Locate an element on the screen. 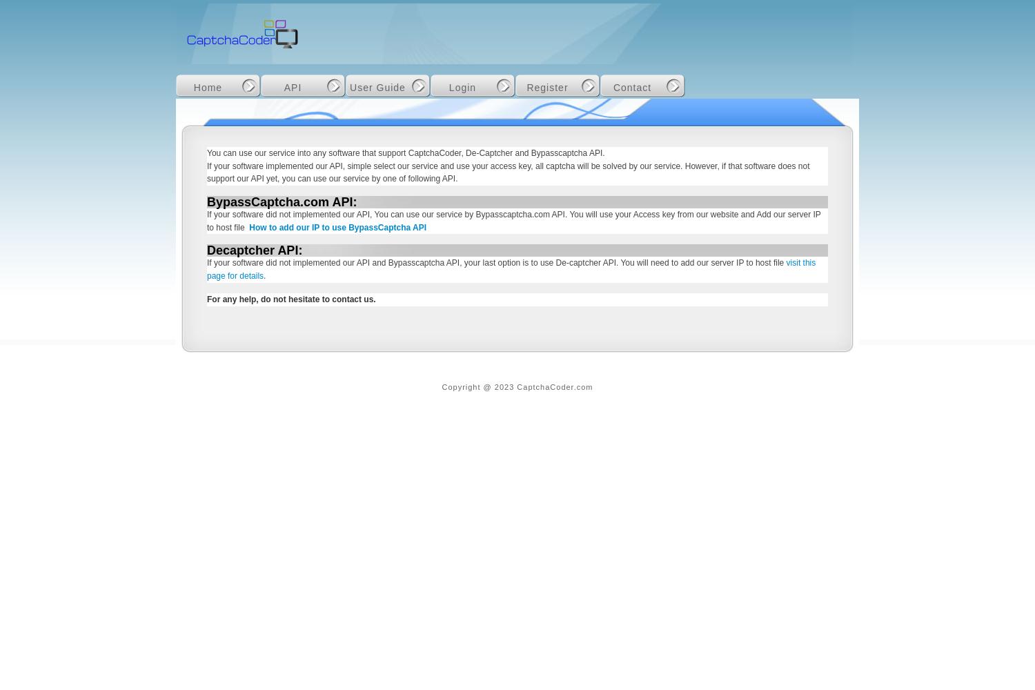 Image resolution: width=1035 pixels, height=690 pixels. 'Copyright @ 2023 CaptchaCoder.com' is located at coordinates (516, 387).